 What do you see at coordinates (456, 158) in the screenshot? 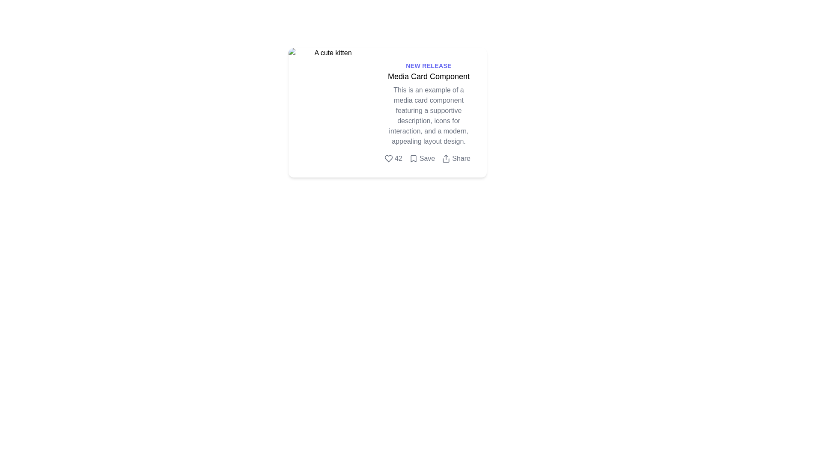
I see `the share button, which is the third option in a row of three interactive elements below the descriptive text of the card, to initiate the share action` at bounding box center [456, 158].